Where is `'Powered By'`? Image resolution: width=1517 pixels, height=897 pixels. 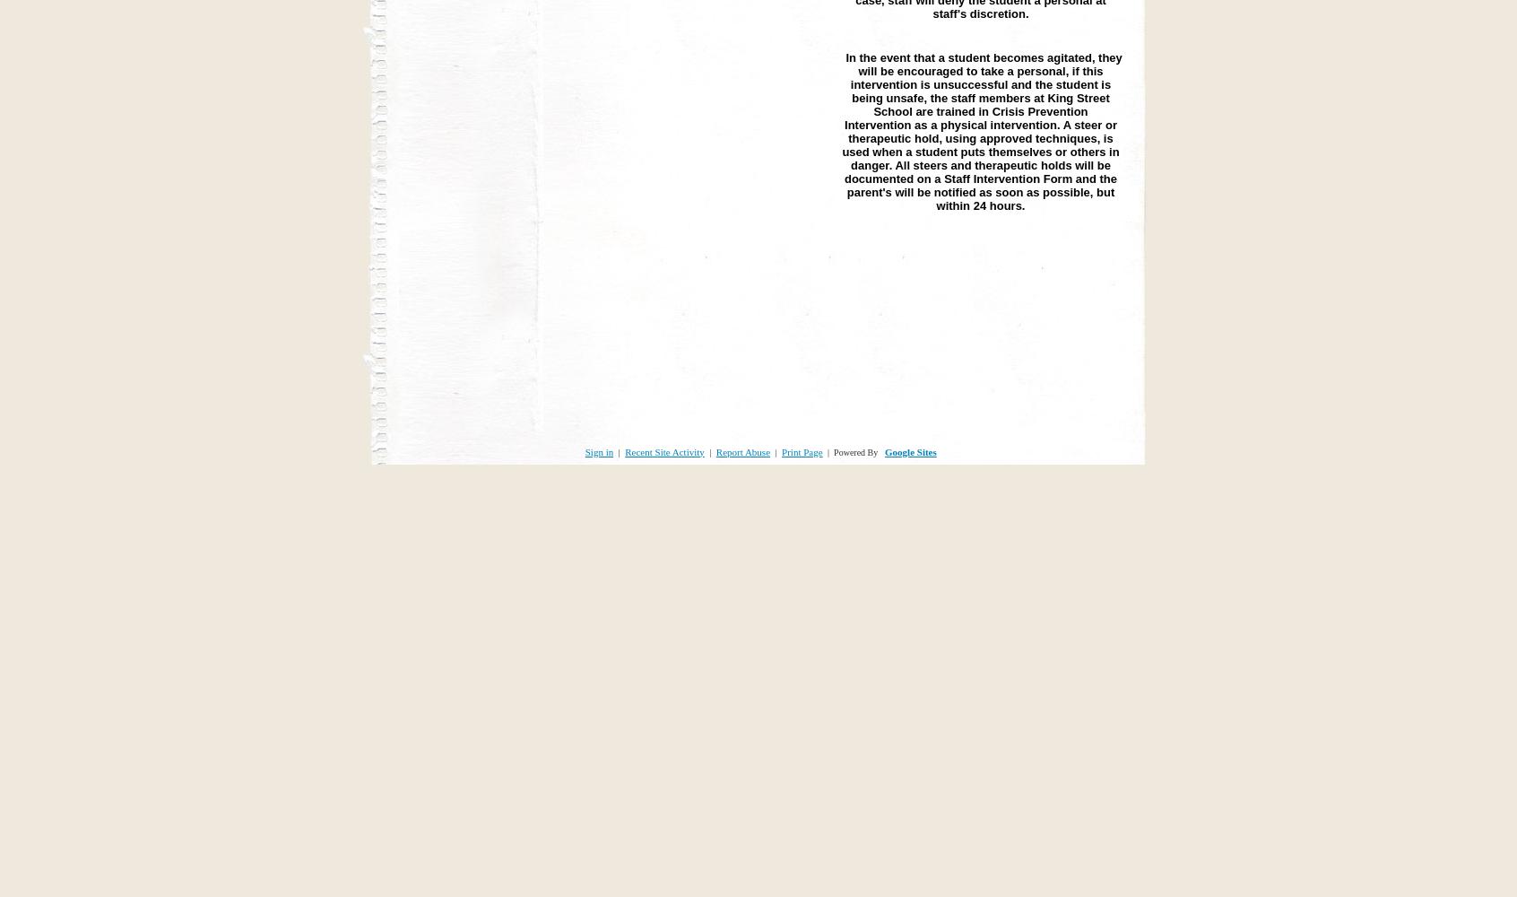 'Powered By' is located at coordinates (855, 451).